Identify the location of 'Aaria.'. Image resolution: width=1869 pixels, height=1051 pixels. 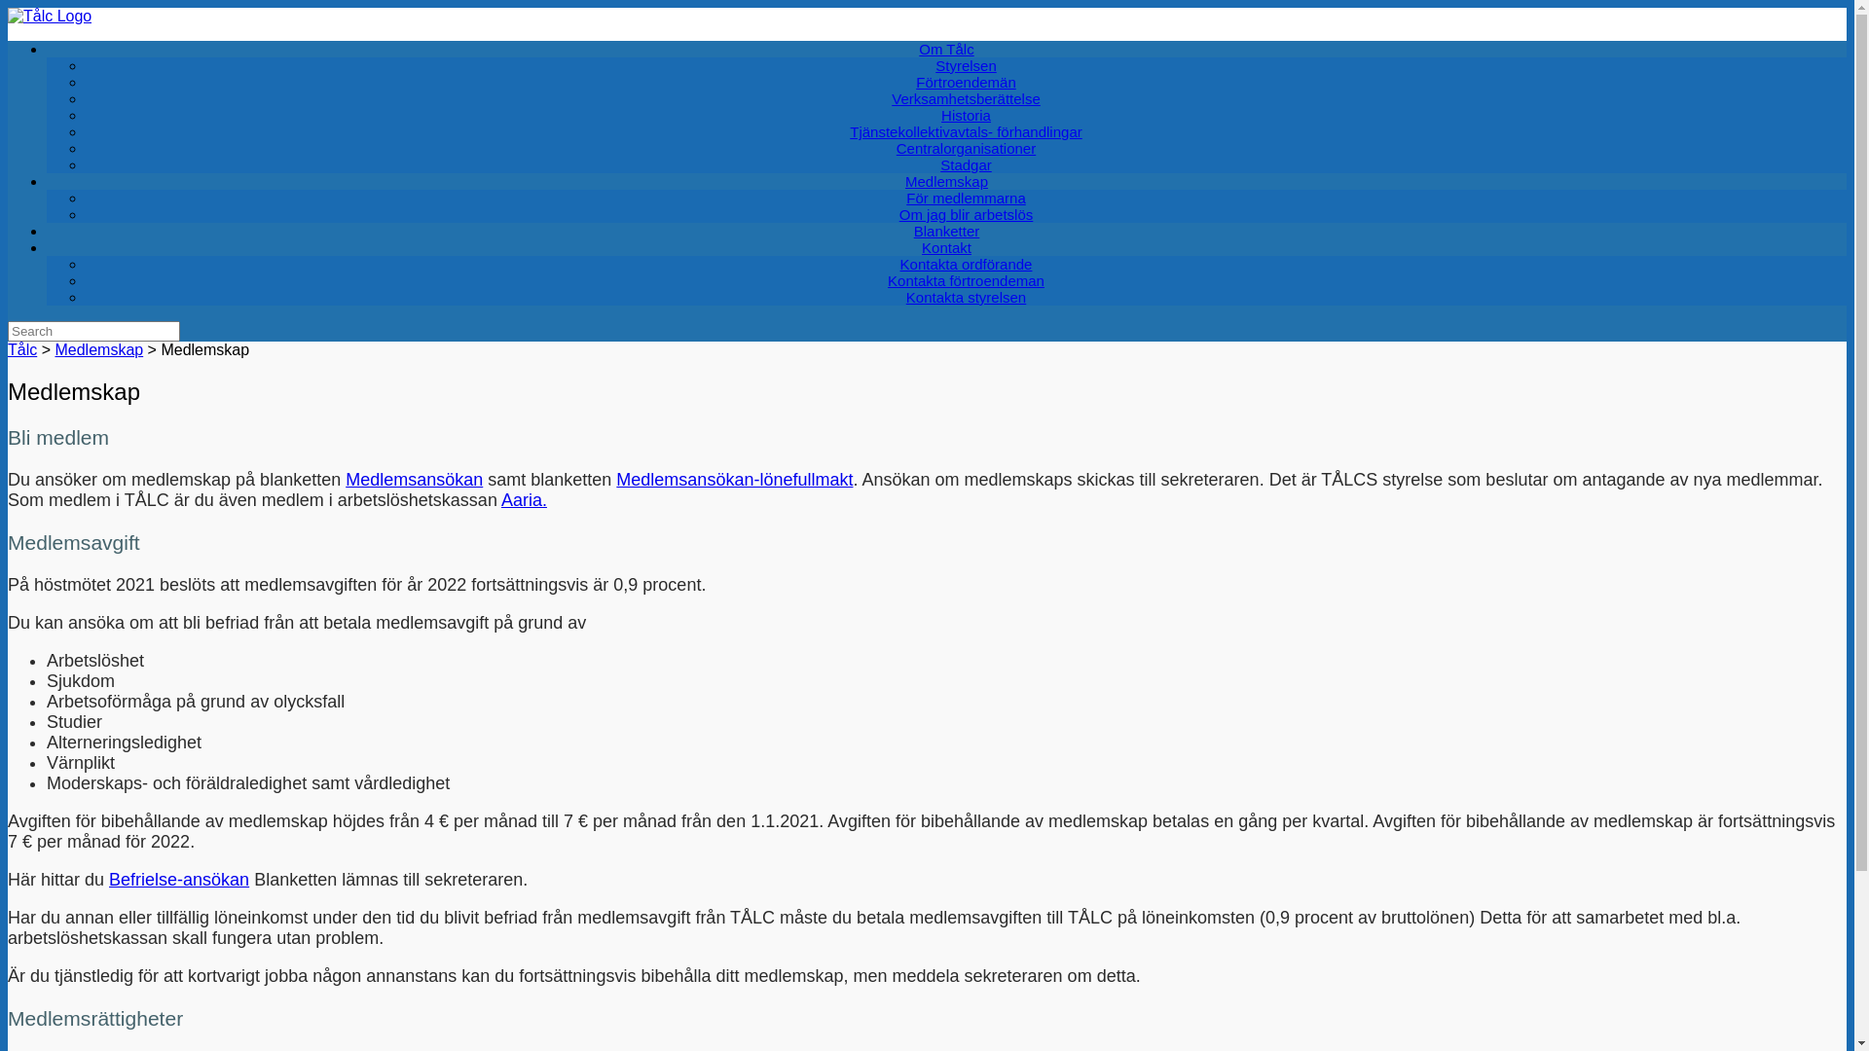
(524, 498).